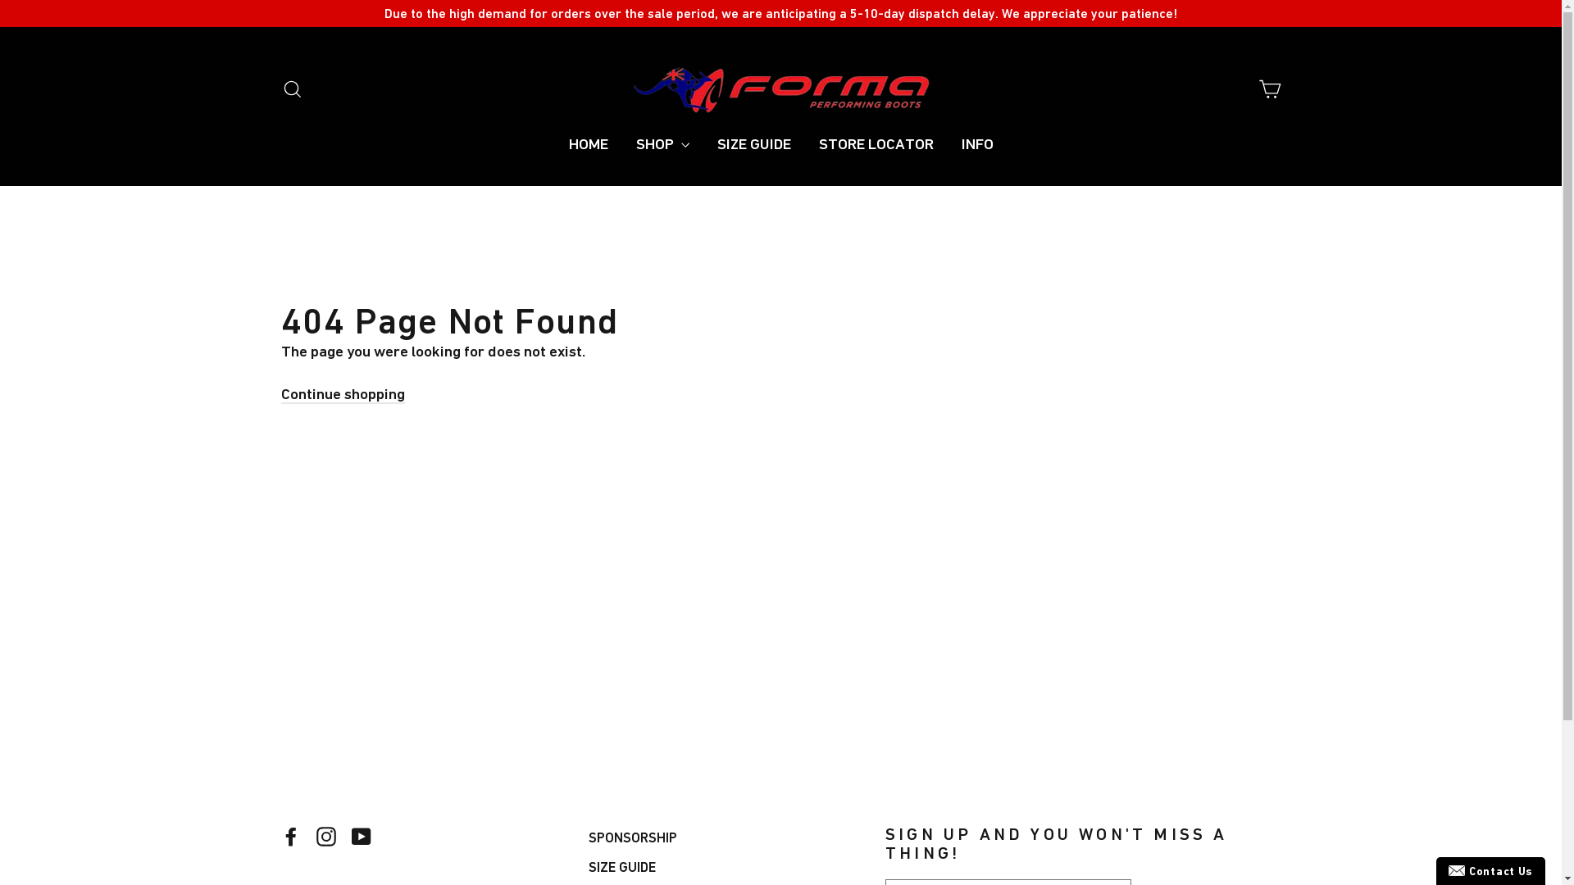  Describe the element at coordinates (724, 837) in the screenshot. I see `'SPONSORSHIP'` at that location.